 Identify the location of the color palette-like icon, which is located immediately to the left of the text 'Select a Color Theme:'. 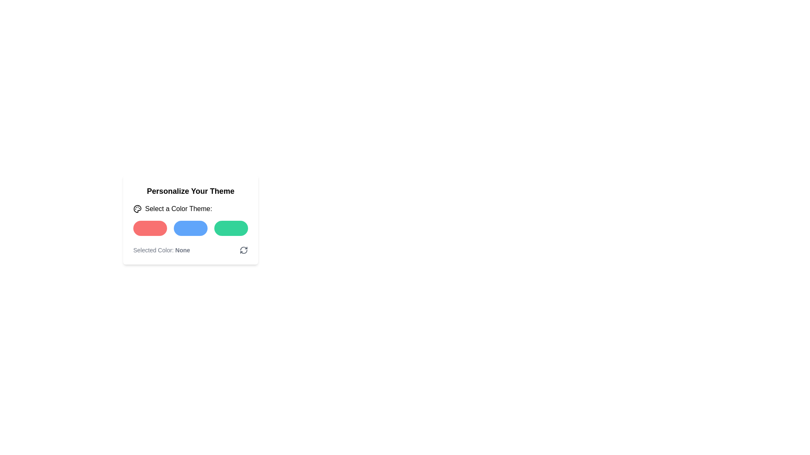
(138, 209).